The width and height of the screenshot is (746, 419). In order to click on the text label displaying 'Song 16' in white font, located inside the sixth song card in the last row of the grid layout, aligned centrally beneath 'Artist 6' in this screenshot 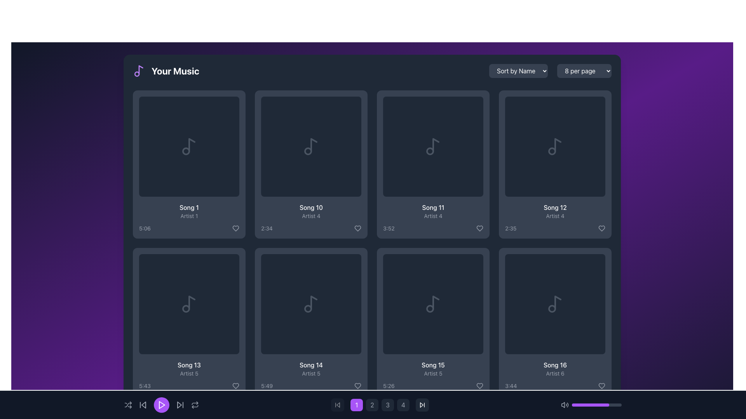, I will do `click(555, 365)`.